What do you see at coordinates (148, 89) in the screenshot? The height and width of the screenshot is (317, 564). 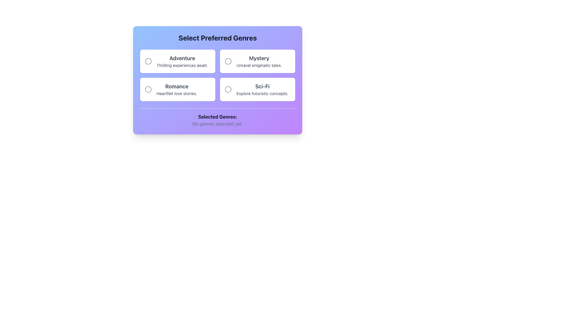 I see `smaller SVG Circle icon representing the Romance genre, located in the bottom-left area of the grid layout of options` at bounding box center [148, 89].